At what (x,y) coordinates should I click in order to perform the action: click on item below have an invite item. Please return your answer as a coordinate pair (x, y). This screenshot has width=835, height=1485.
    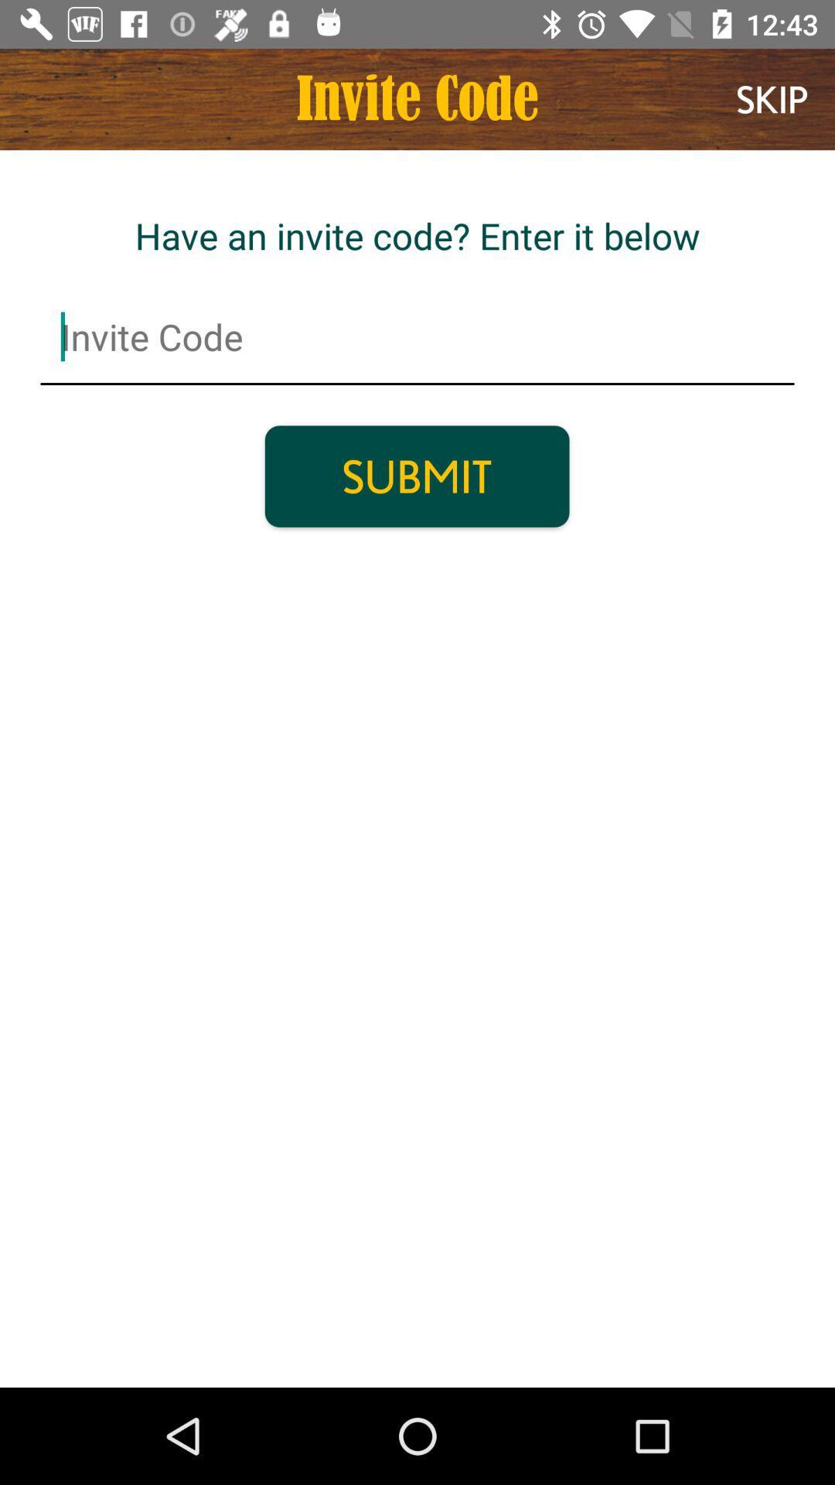
    Looking at the image, I should click on (417, 336).